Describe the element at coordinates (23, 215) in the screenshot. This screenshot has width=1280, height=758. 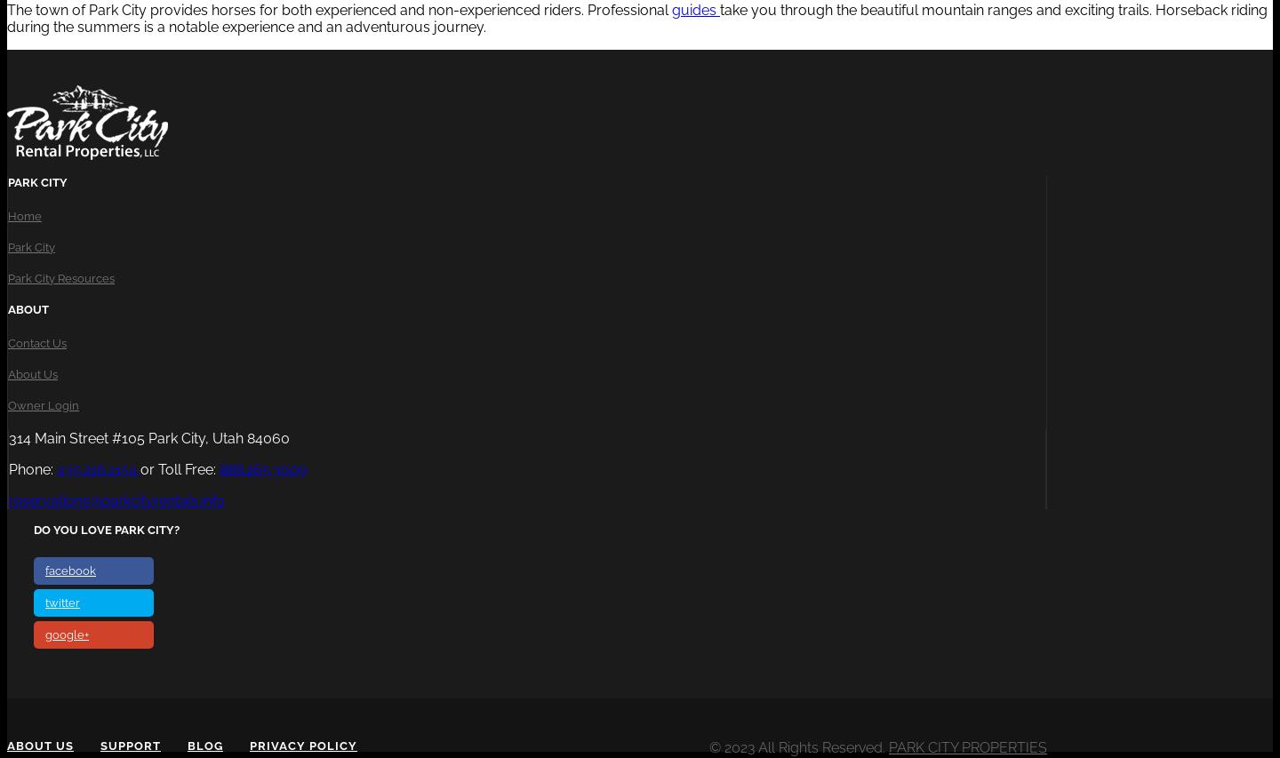
I see `'Home'` at that location.